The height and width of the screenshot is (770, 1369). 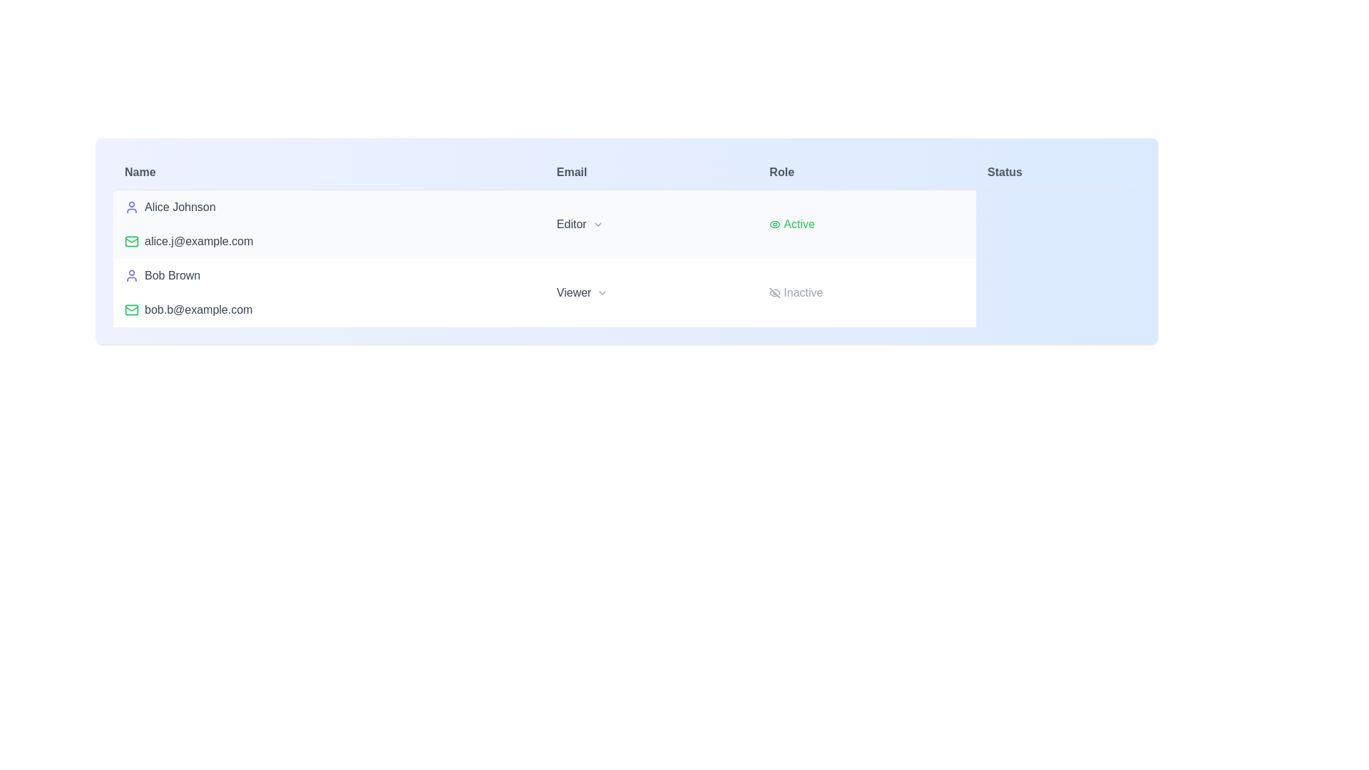 What do you see at coordinates (774, 292) in the screenshot?
I see `the inactive status icon that visually indicates the user's inactive status, located to the left of the 'Inactive' text in the Role column of the second row of the table` at bounding box center [774, 292].